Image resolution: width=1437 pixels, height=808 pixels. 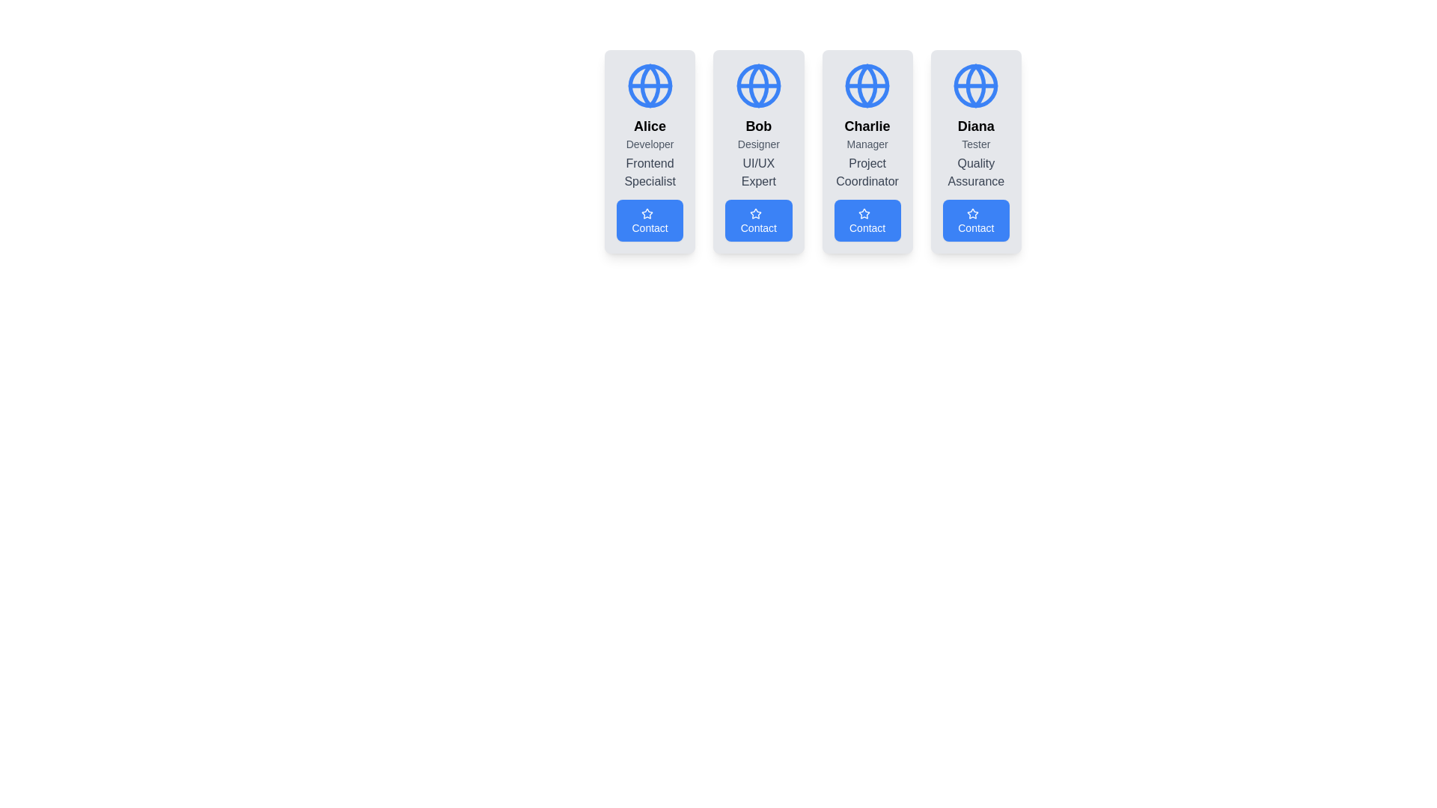 I want to click on the blue rectangular button labeled 'Contact' with an outlined star icon to initiate contact. It is located at the bottom of Charlie's profile card, which is the third card from the left, so click(x=867, y=220).